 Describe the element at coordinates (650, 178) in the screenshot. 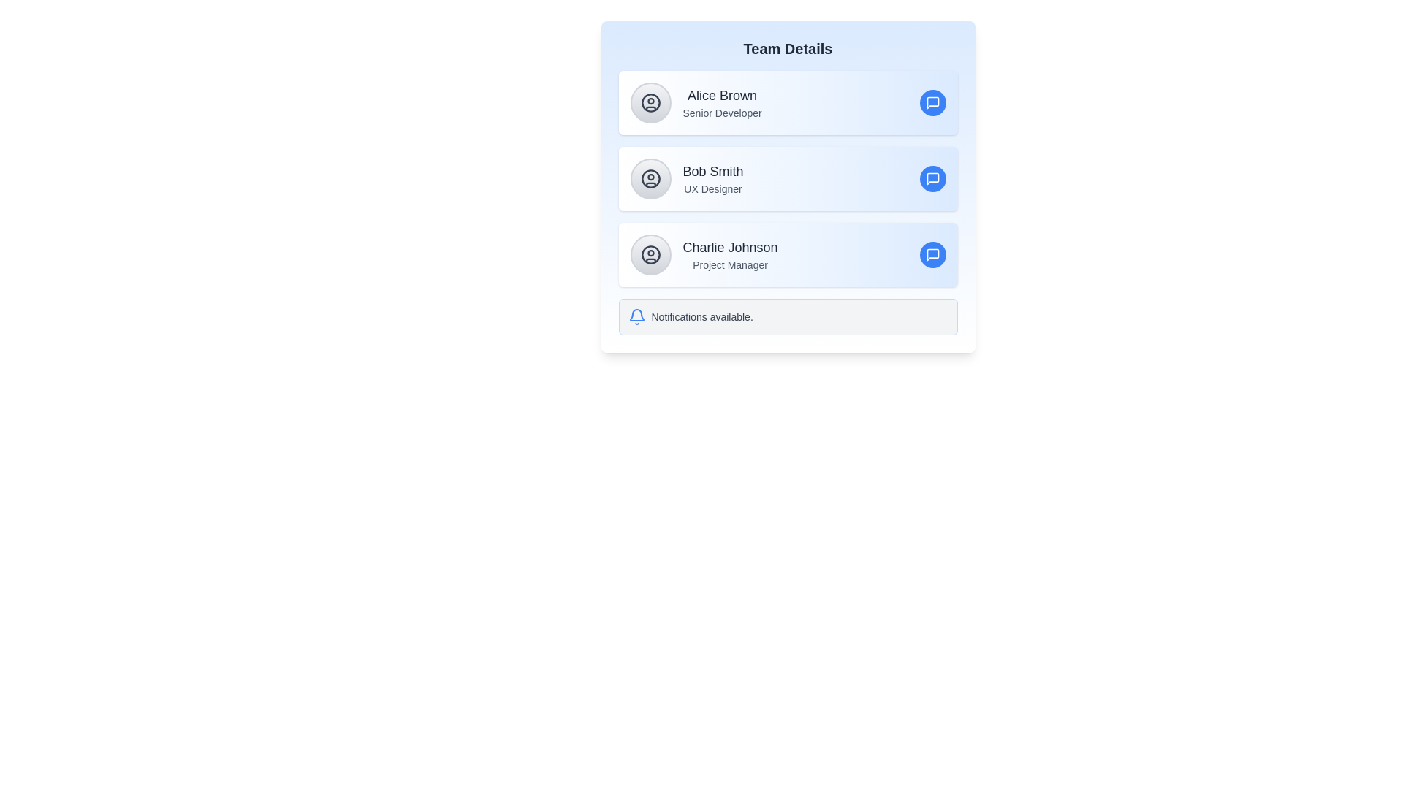

I see `the circular profile icon representing 'Bob Smith', located to the left of the text 'Bob Smith' and 'UX Designer'` at that location.